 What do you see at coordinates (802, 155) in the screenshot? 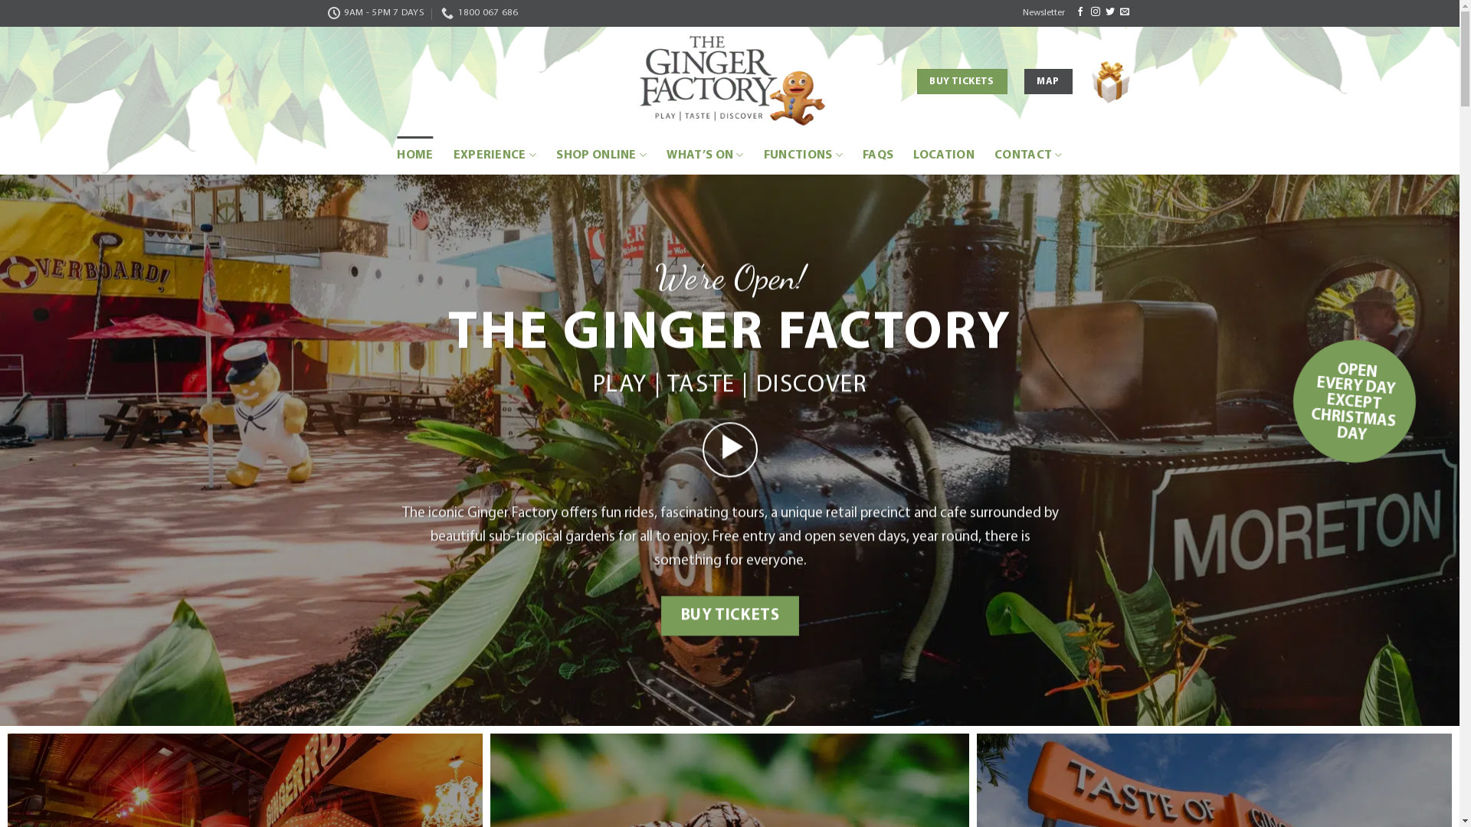
I see `'FUNCTIONS'` at bounding box center [802, 155].